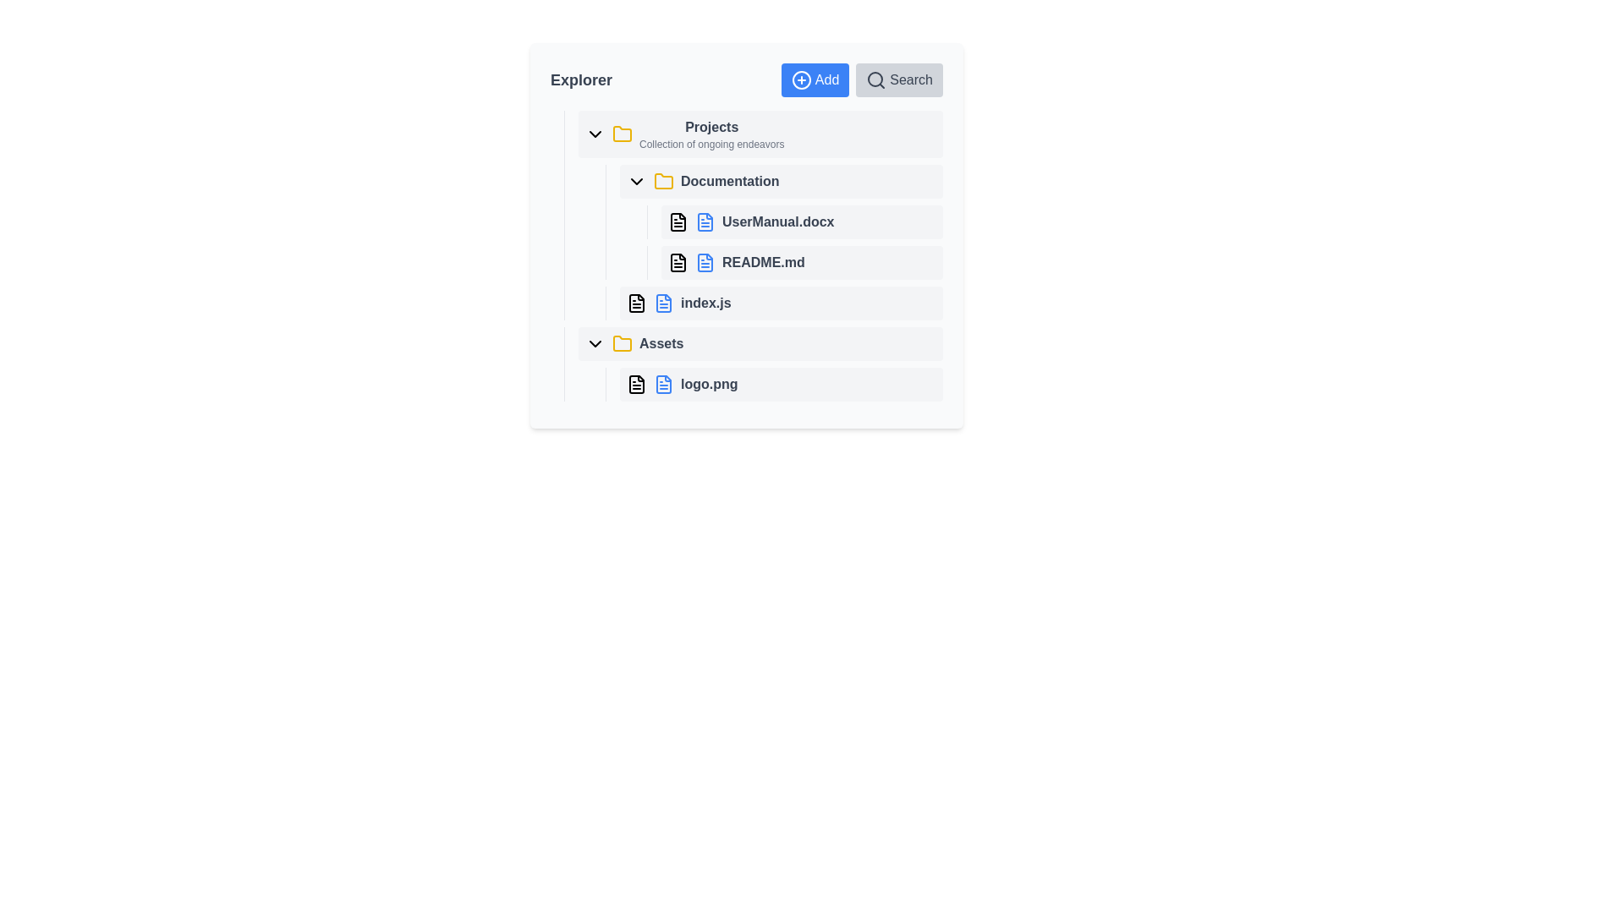 This screenshot has width=1624, height=913. I want to click on the file entry named 'UserManual.docx' located, so click(753, 214).